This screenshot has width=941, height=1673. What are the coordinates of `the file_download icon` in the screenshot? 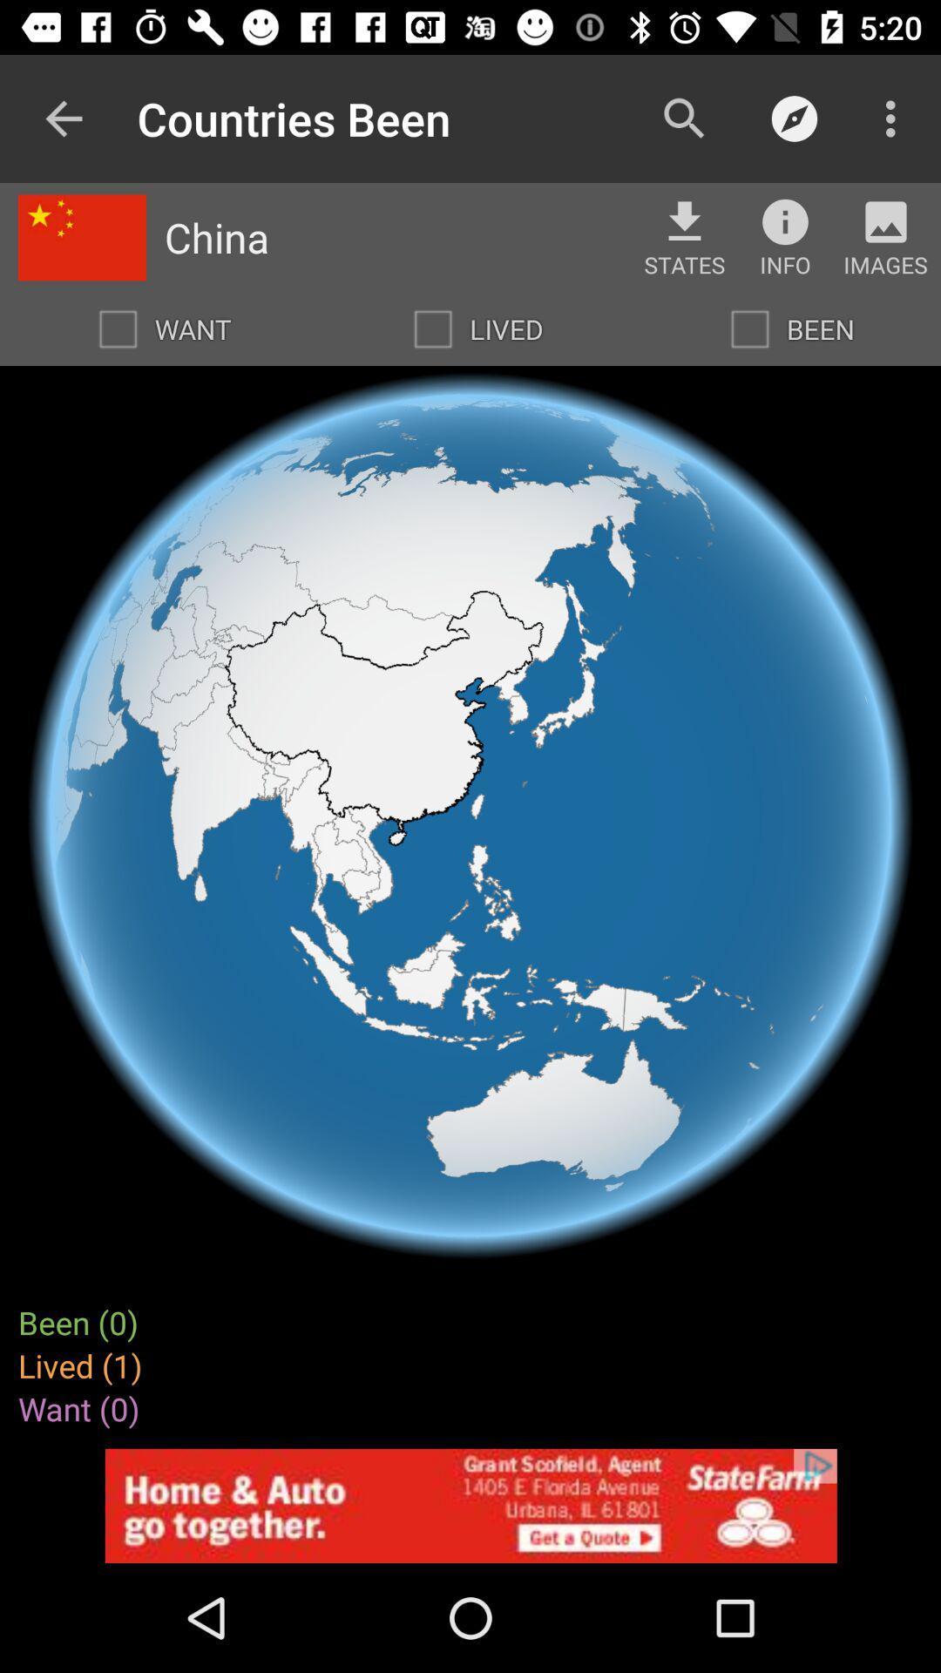 It's located at (684, 220).